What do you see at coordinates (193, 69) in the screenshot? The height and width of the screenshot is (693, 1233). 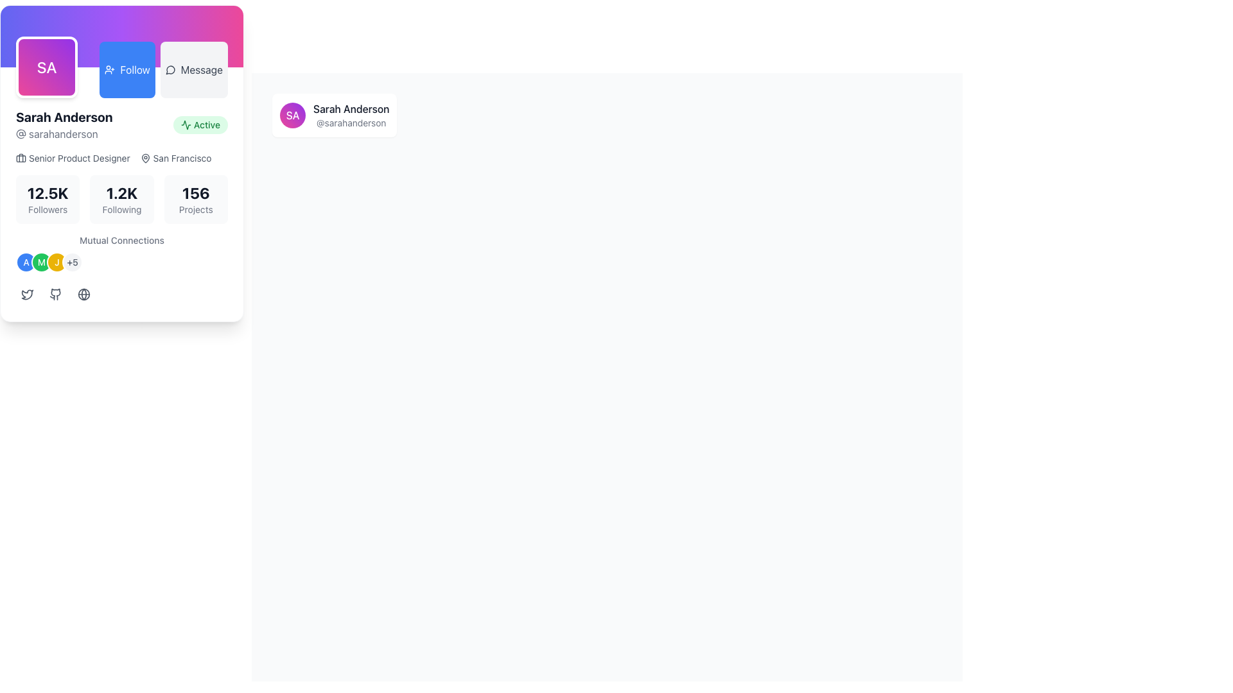 I see `the 'Message' button with a light gray background and rounded corners` at bounding box center [193, 69].